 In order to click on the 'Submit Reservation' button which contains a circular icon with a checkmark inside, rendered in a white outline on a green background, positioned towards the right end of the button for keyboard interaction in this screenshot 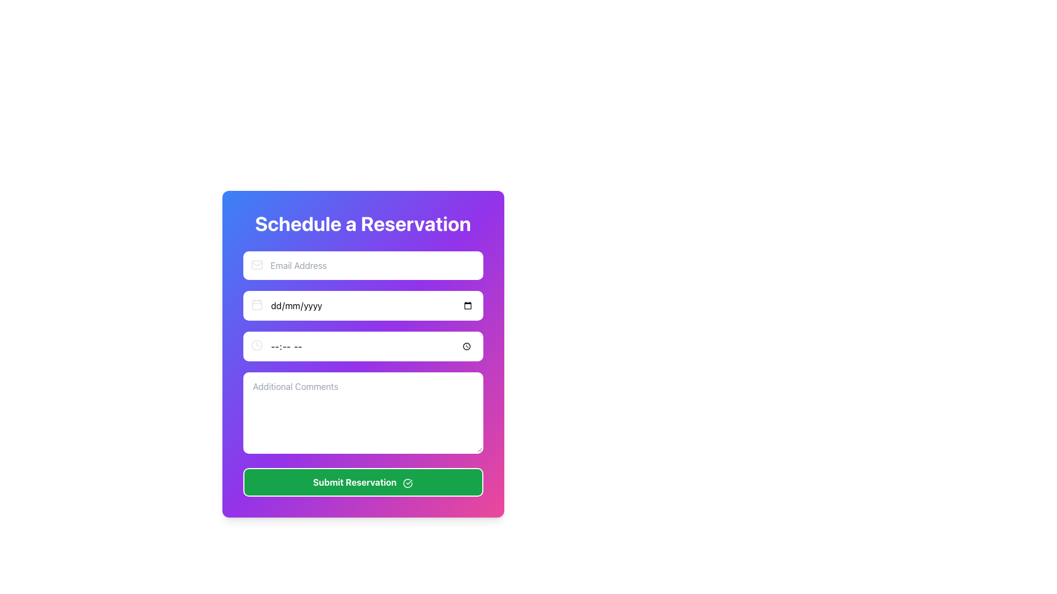, I will do `click(407, 482)`.